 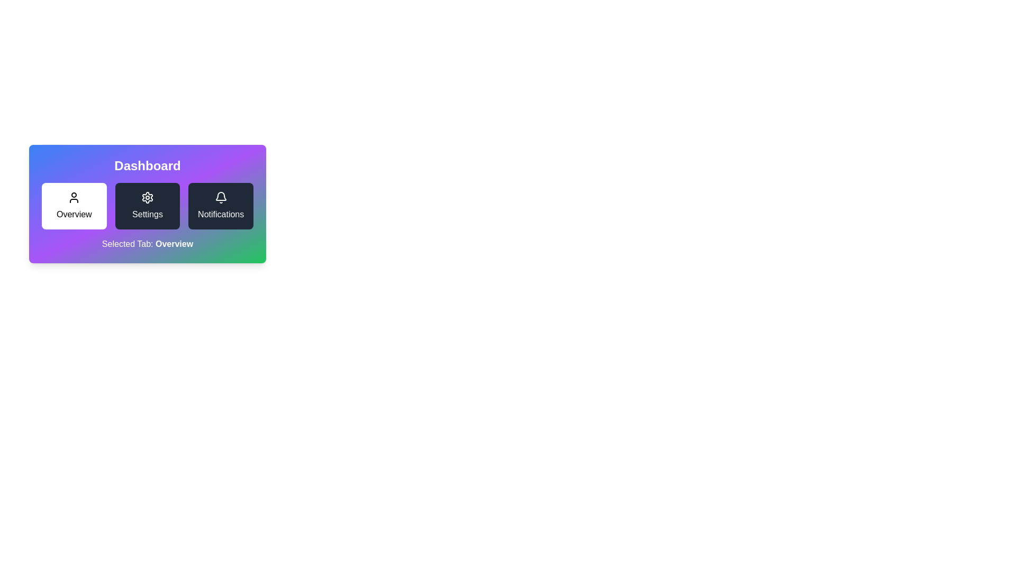 I want to click on the bell icon at the top of the 'Notifications' card, so click(x=220, y=198).